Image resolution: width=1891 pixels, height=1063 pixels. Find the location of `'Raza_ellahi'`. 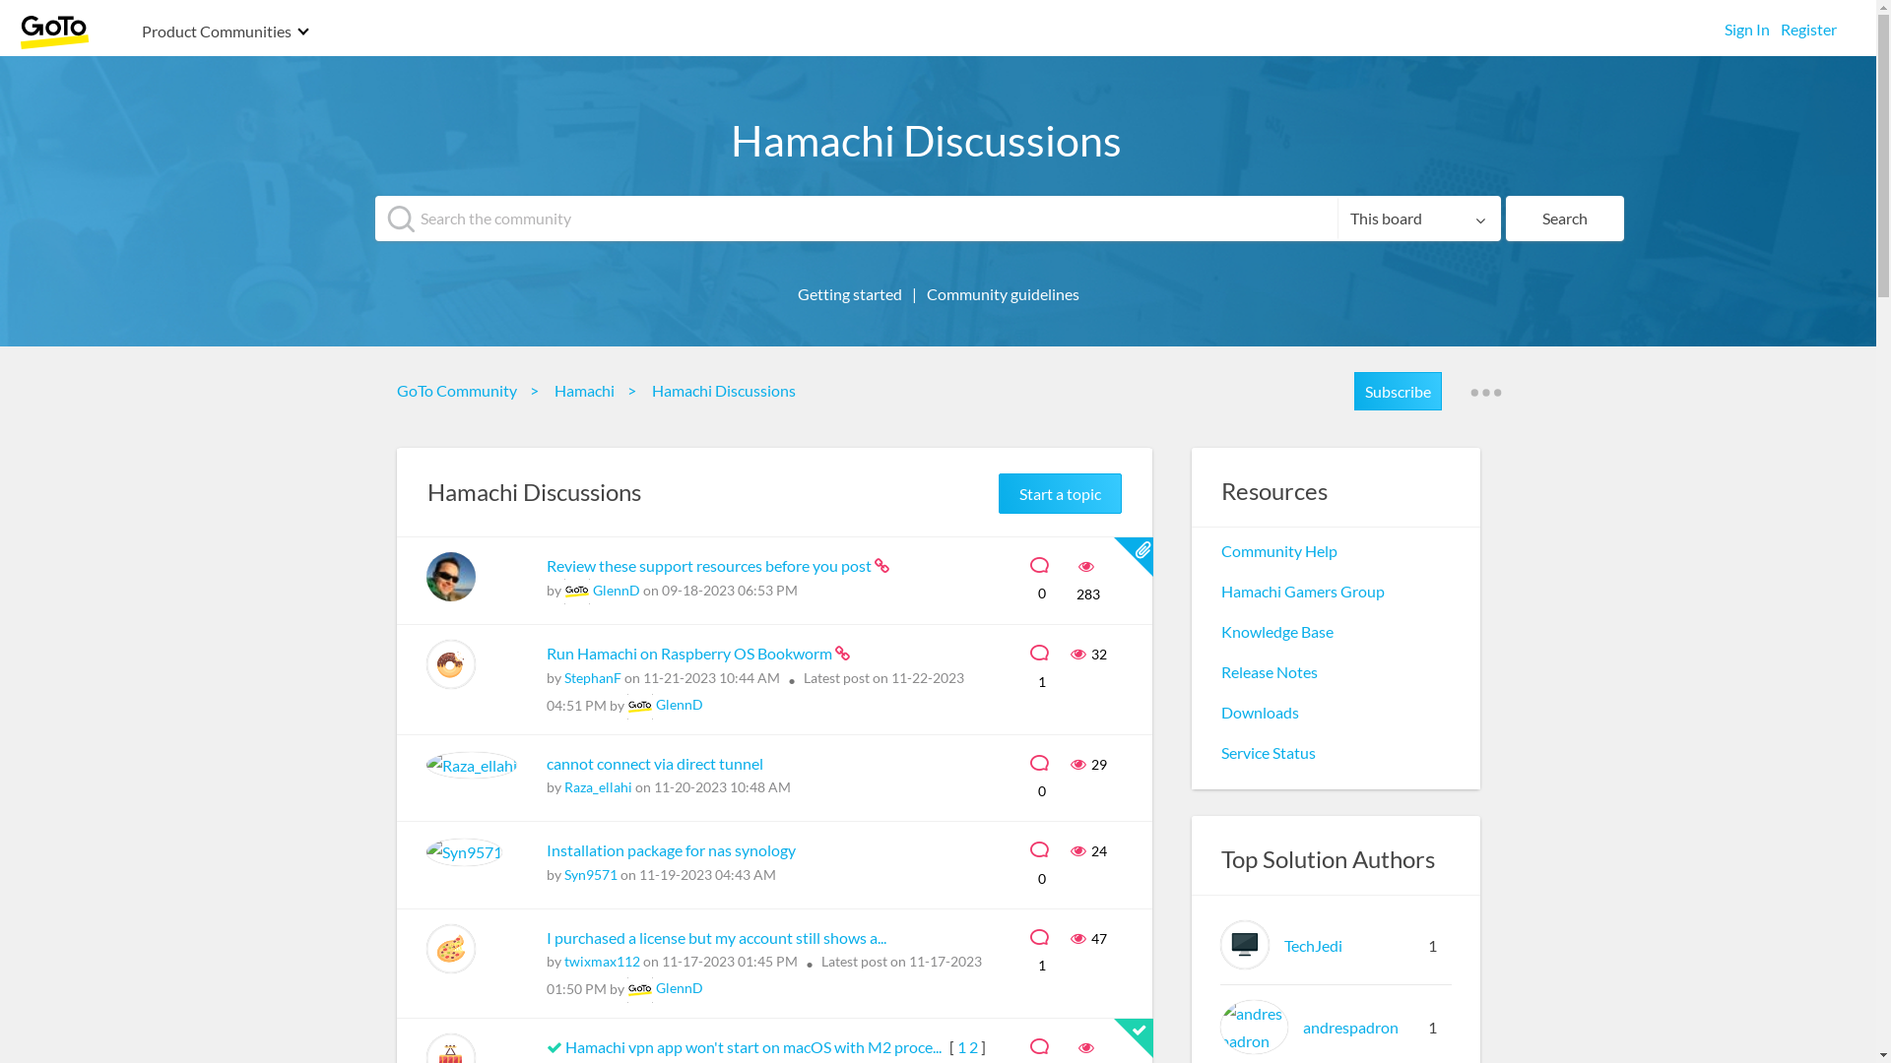

'Raza_ellahi' is located at coordinates (561, 785).